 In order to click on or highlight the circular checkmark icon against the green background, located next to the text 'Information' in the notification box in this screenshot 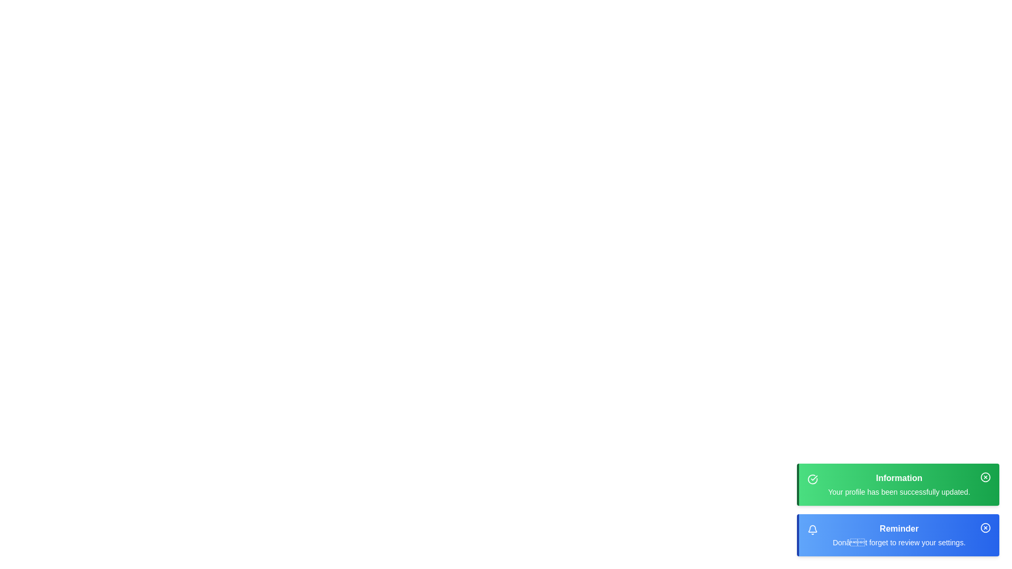, I will do `click(812, 478)`.